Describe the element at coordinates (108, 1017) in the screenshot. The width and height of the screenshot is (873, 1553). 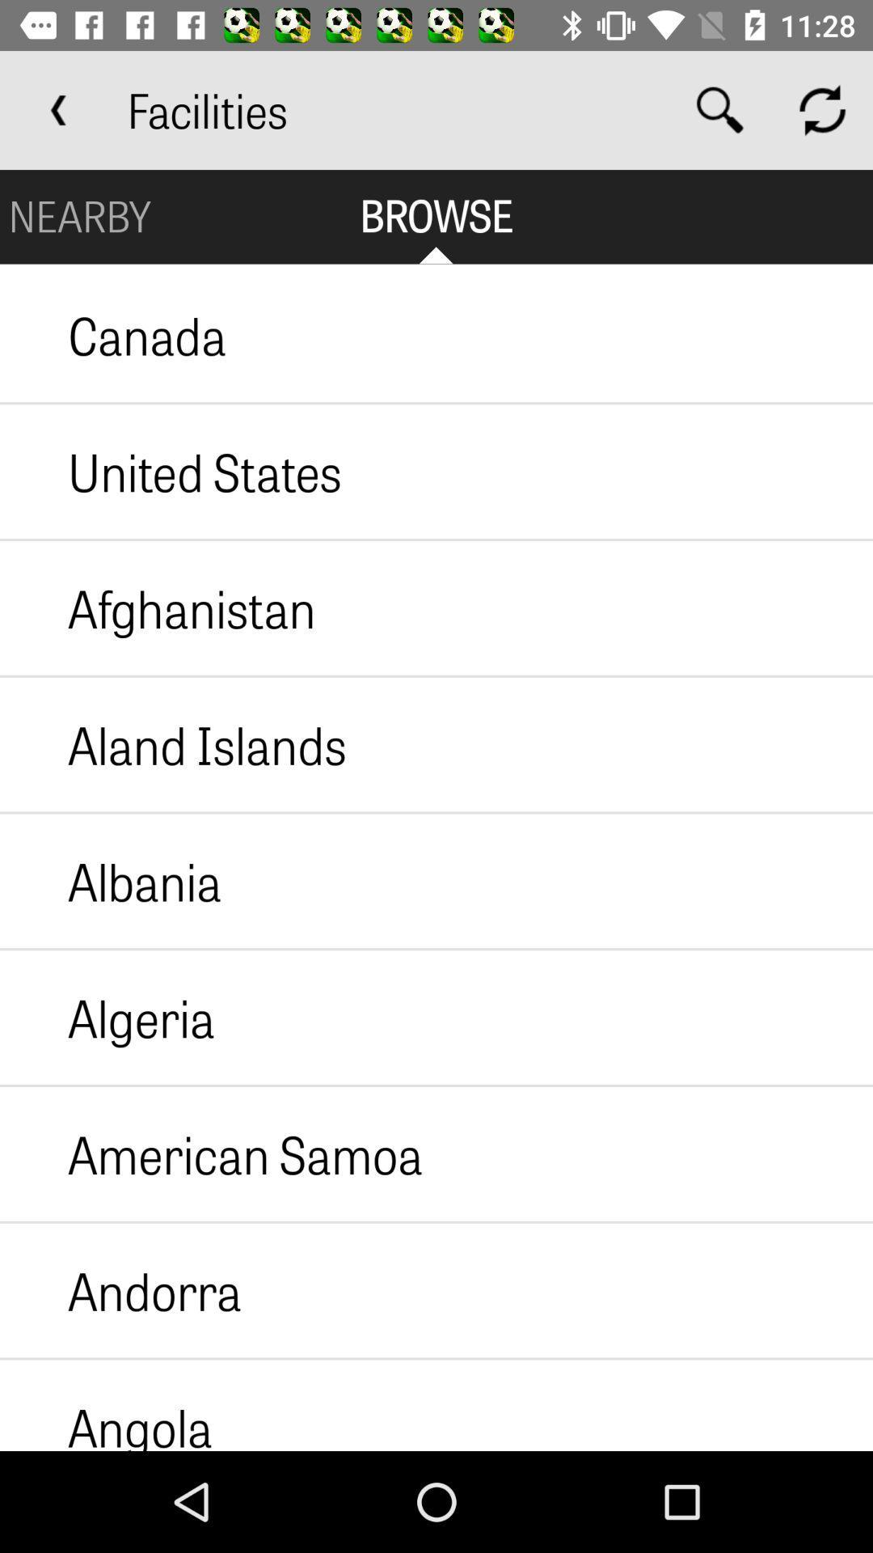
I see `item above the american samoa` at that location.